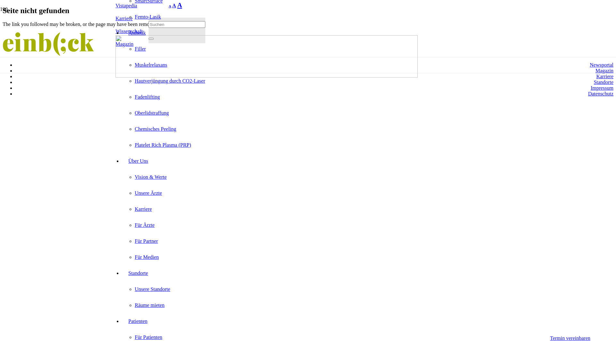 This screenshot has height=346, width=616. Describe the element at coordinates (163, 145) in the screenshot. I see `'Platelet Rich Plasma (PRP)'` at that location.